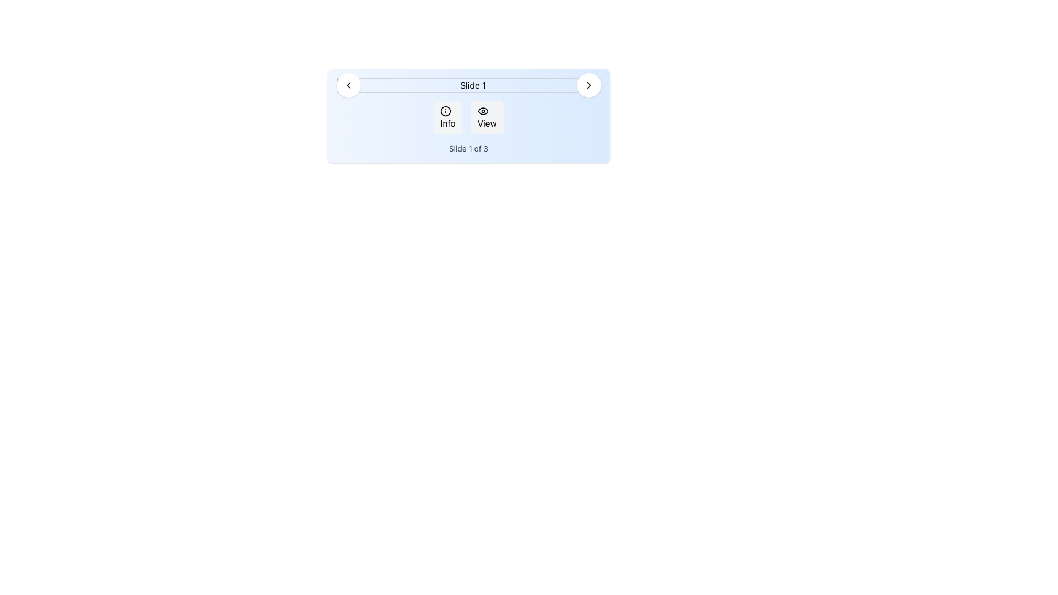 This screenshot has height=595, width=1058. What do you see at coordinates (446, 111) in the screenshot?
I see `the filled circular icon within the 'Info' button, which is part of the panel displaying 'Slide 1'` at bounding box center [446, 111].